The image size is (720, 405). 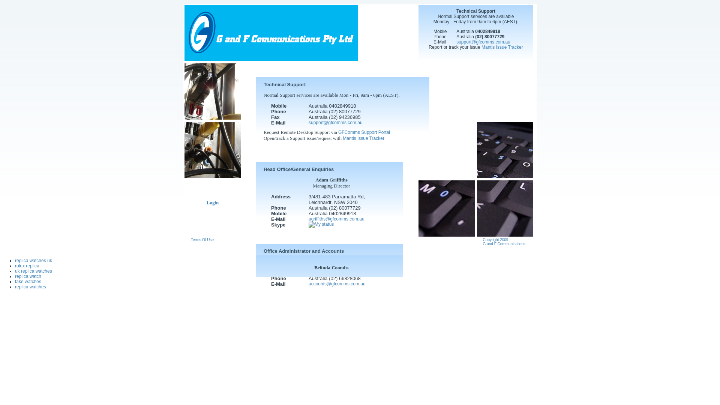 I want to click on 'fake watches', so click(x=28, y=282).